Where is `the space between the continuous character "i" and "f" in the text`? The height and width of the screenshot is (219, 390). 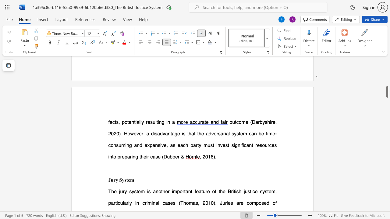
the space between the continuous character "i" and "f" in the text is located at coordinates (241, 145).